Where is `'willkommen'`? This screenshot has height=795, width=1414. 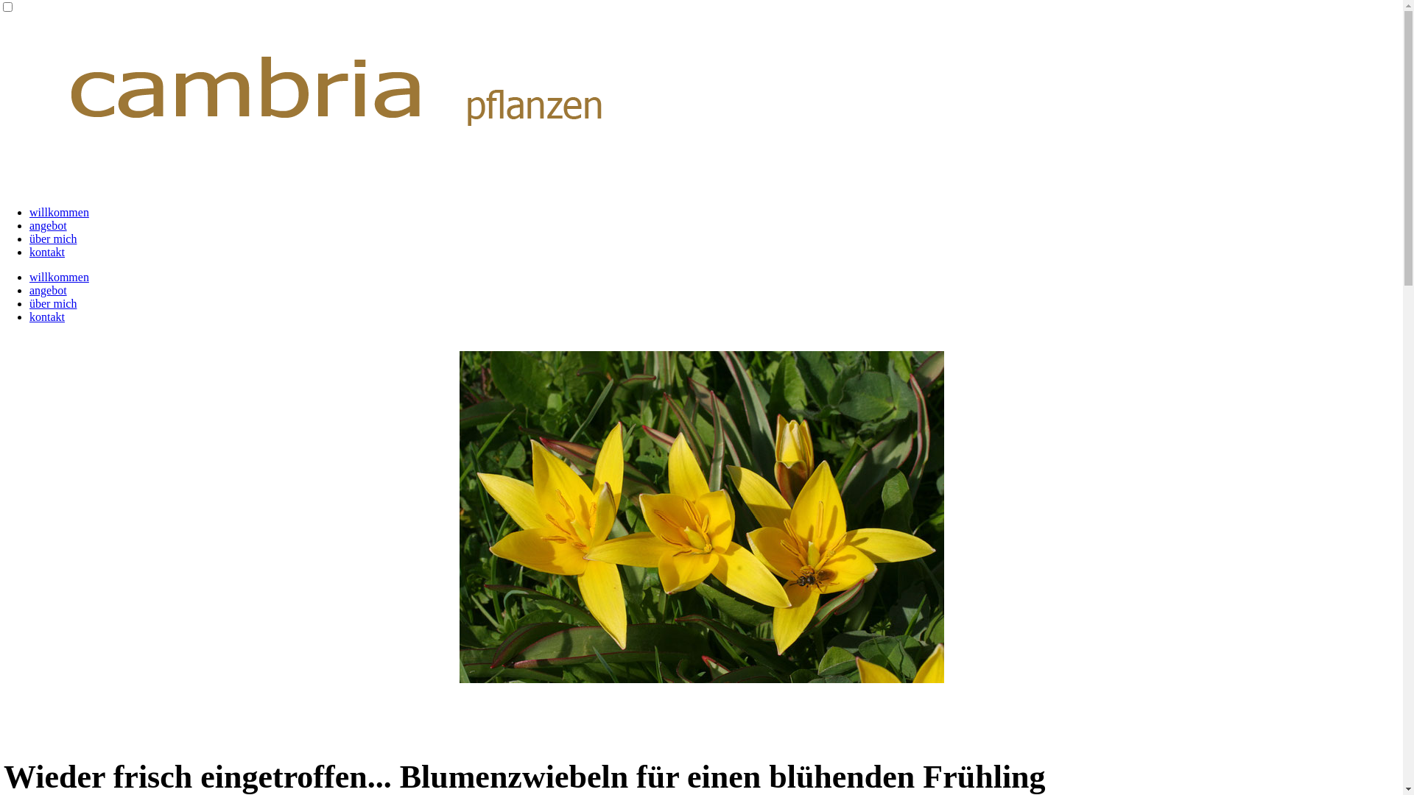
'willkommen' is located at coordinates (29, 277).